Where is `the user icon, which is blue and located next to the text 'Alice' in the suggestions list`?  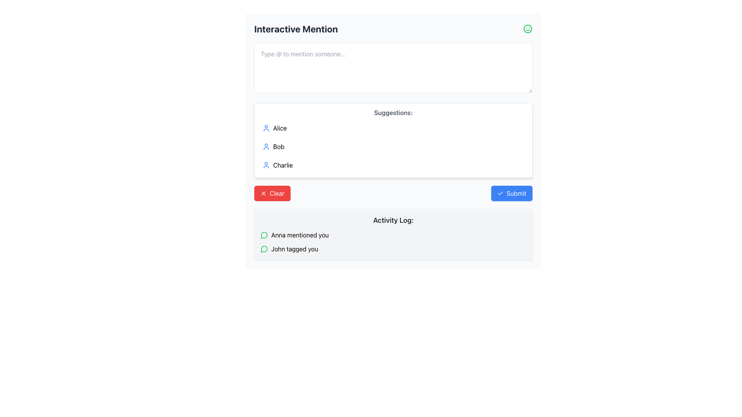
the user icon, which is blue and located next to the text 'Alice' in the suggestions list is located at coordinates (266, 127).